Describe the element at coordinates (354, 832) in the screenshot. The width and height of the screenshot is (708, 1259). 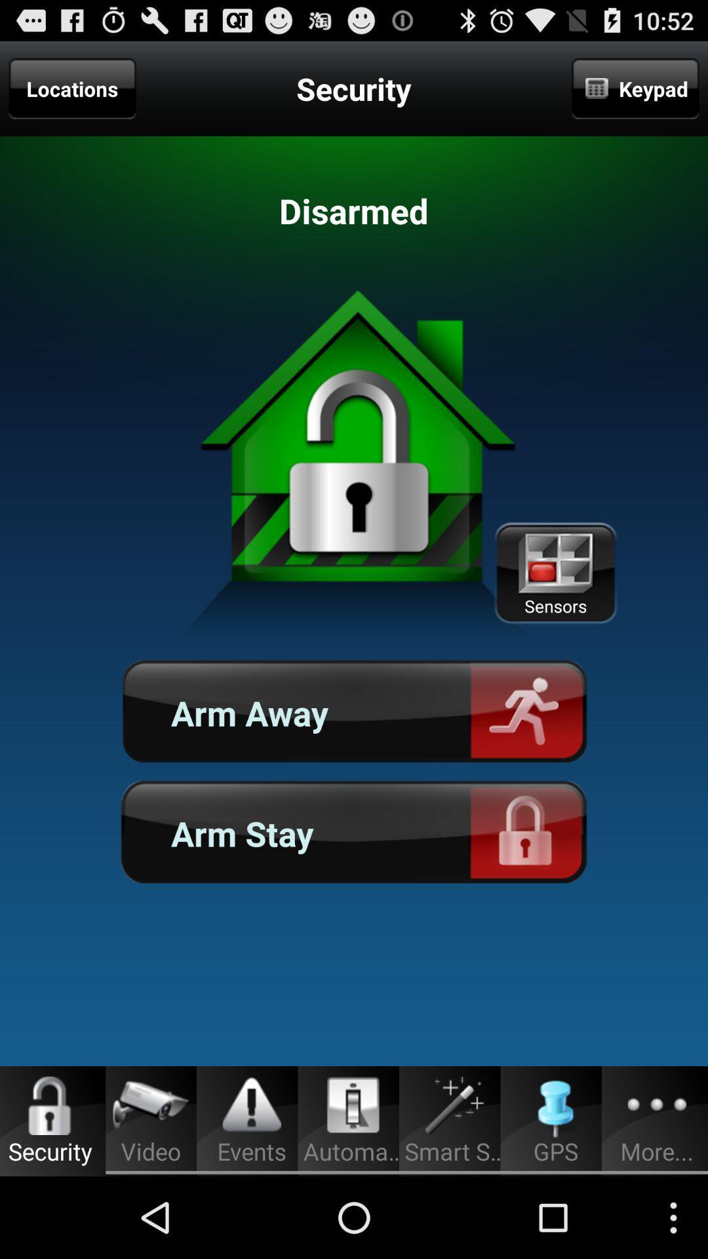
I see `the arm stay icon` at that location.